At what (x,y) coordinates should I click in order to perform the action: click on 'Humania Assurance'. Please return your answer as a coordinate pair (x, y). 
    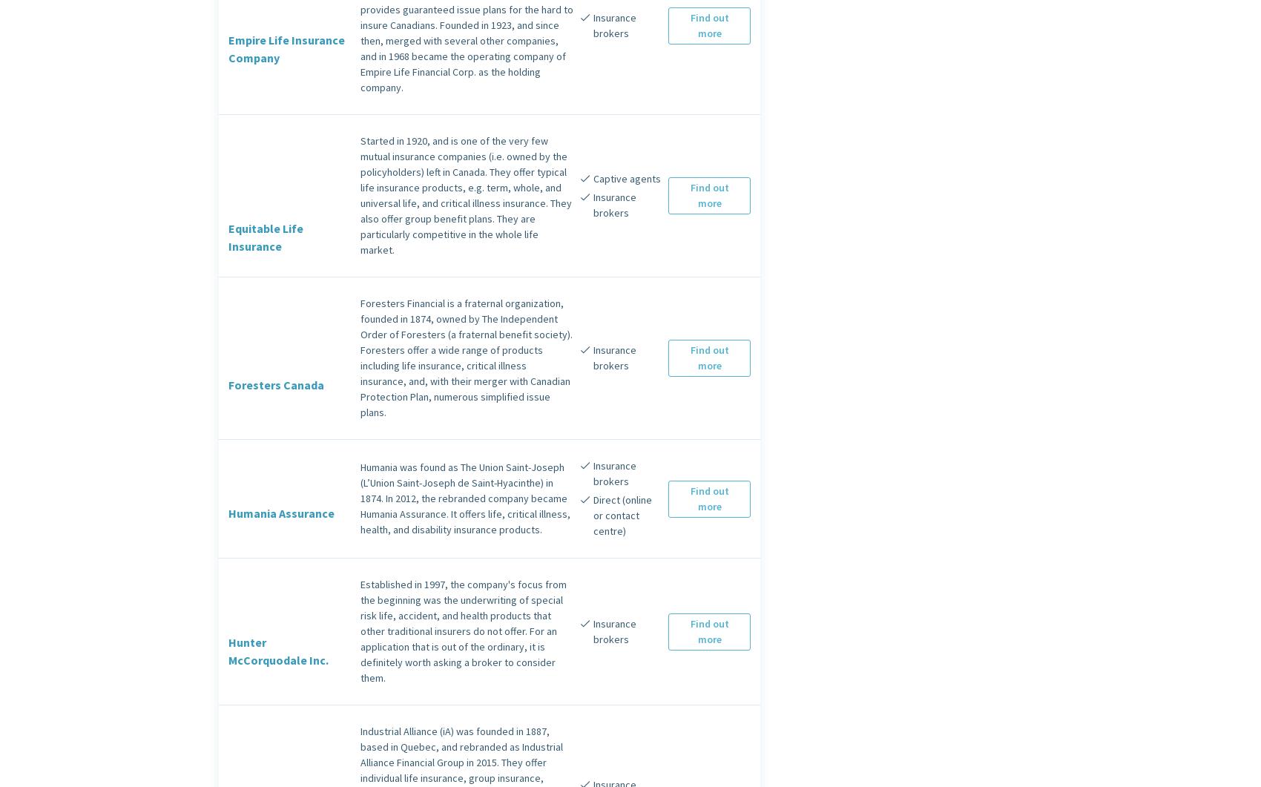
    Looking at the image, I should click on (280, 512).